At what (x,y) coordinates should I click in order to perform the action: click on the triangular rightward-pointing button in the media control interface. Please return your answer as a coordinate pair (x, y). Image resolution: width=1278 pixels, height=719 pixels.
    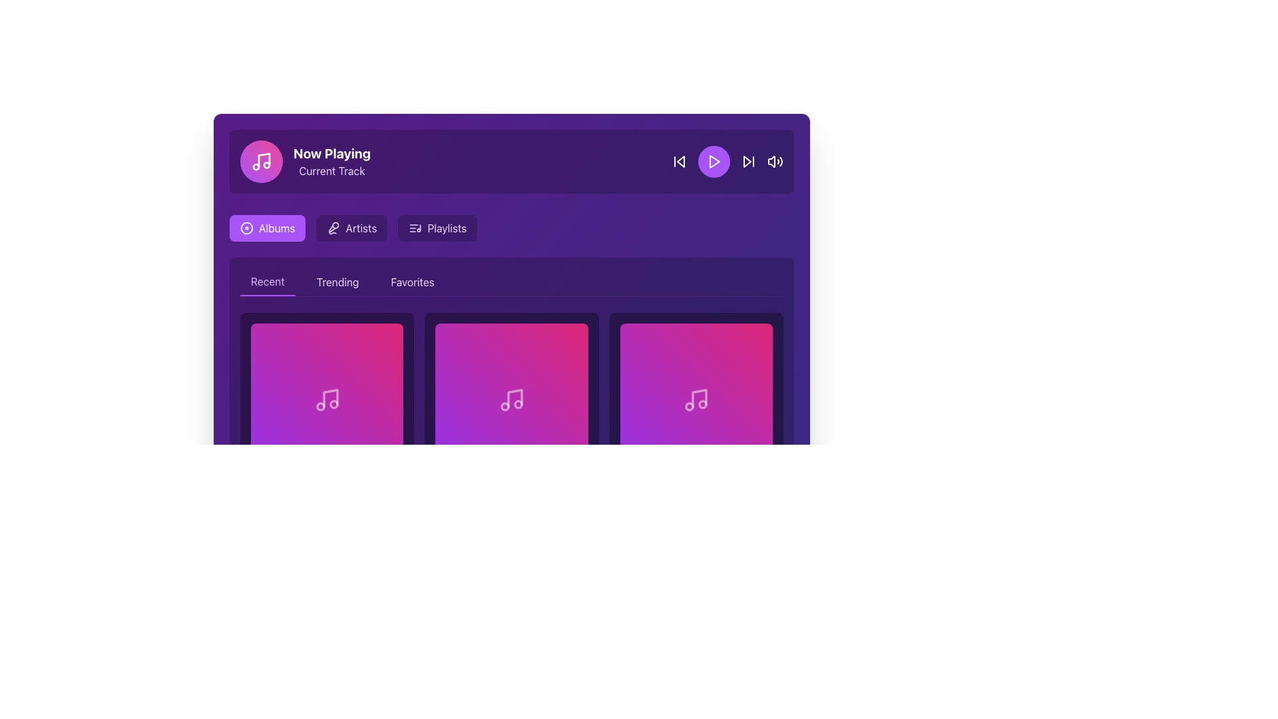
    Looking at the image, I should click on (747, 161).